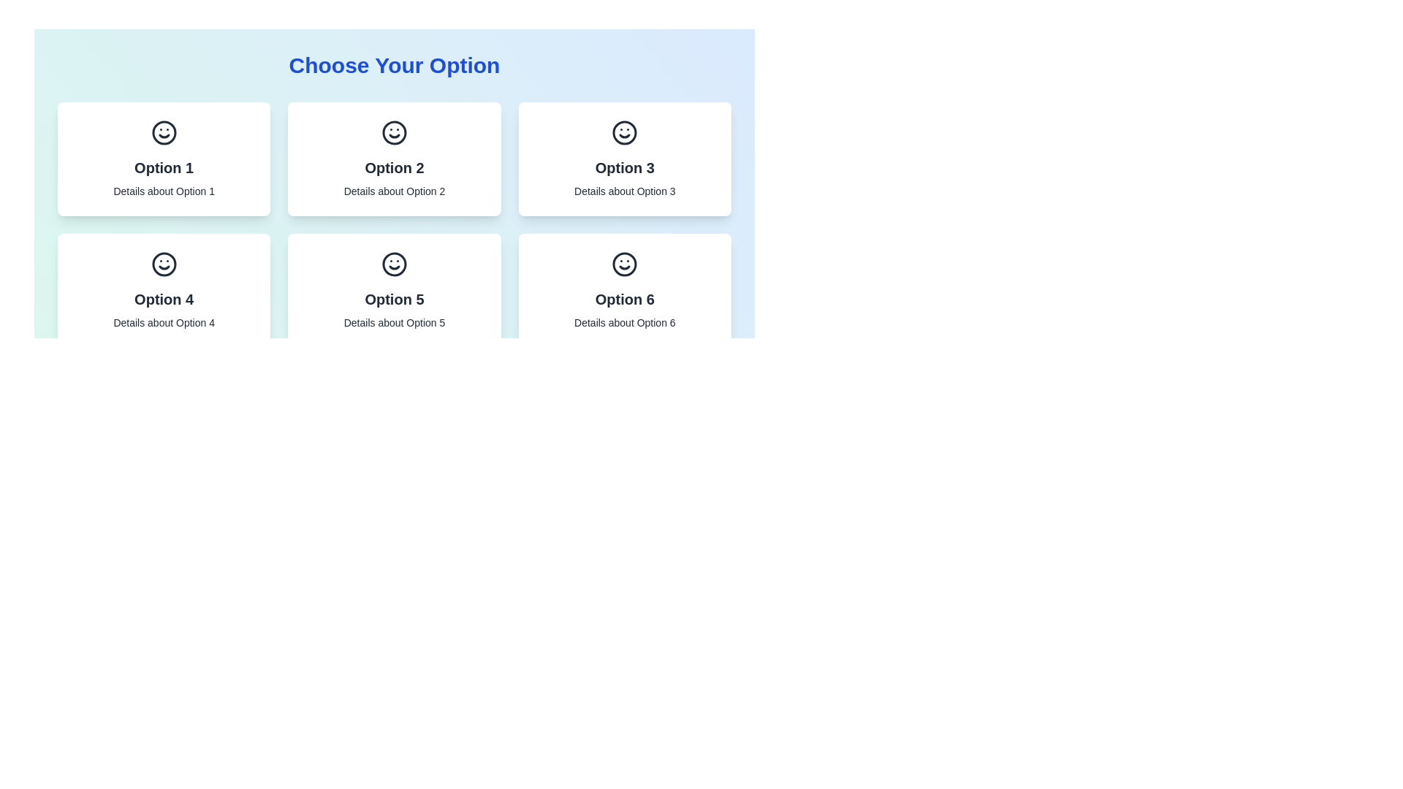  What do you see at coordinates (625, 264) in the screenshot?
I see `the icon that visually represents positivity associated with the card labeled 'Option 6', located at the top-center of the card` at bounding box center [625, 264].